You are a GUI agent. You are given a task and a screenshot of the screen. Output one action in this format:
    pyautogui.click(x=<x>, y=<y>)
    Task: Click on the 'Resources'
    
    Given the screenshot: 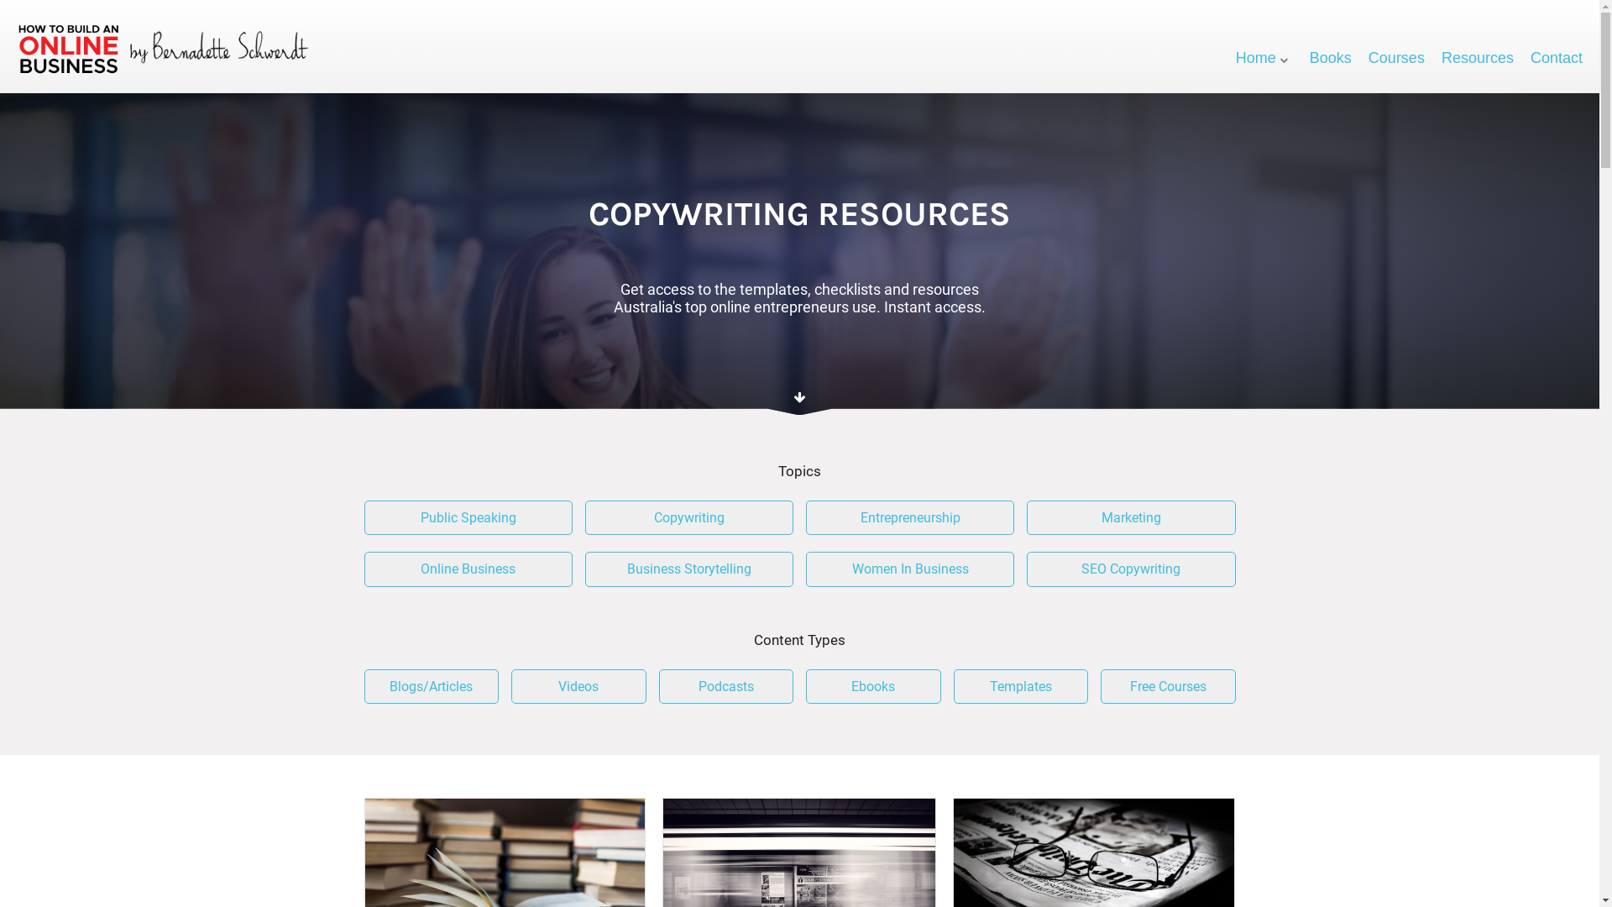 What is the action you would take?
    pyautogui.click(x=1478, y=57)
    